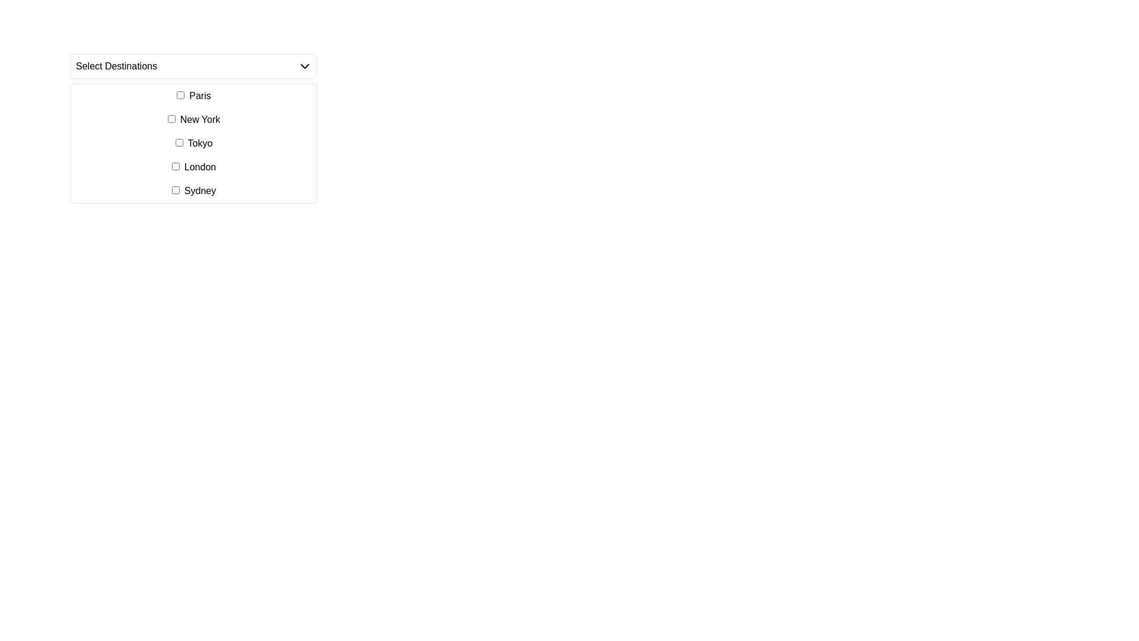  What do you see at coordinates (304, 66) in the screenshot?
I see `the downward chevron SVG icon located at the top-right corner of the 'Select Destinations' label` at bounding box center [304, 66].